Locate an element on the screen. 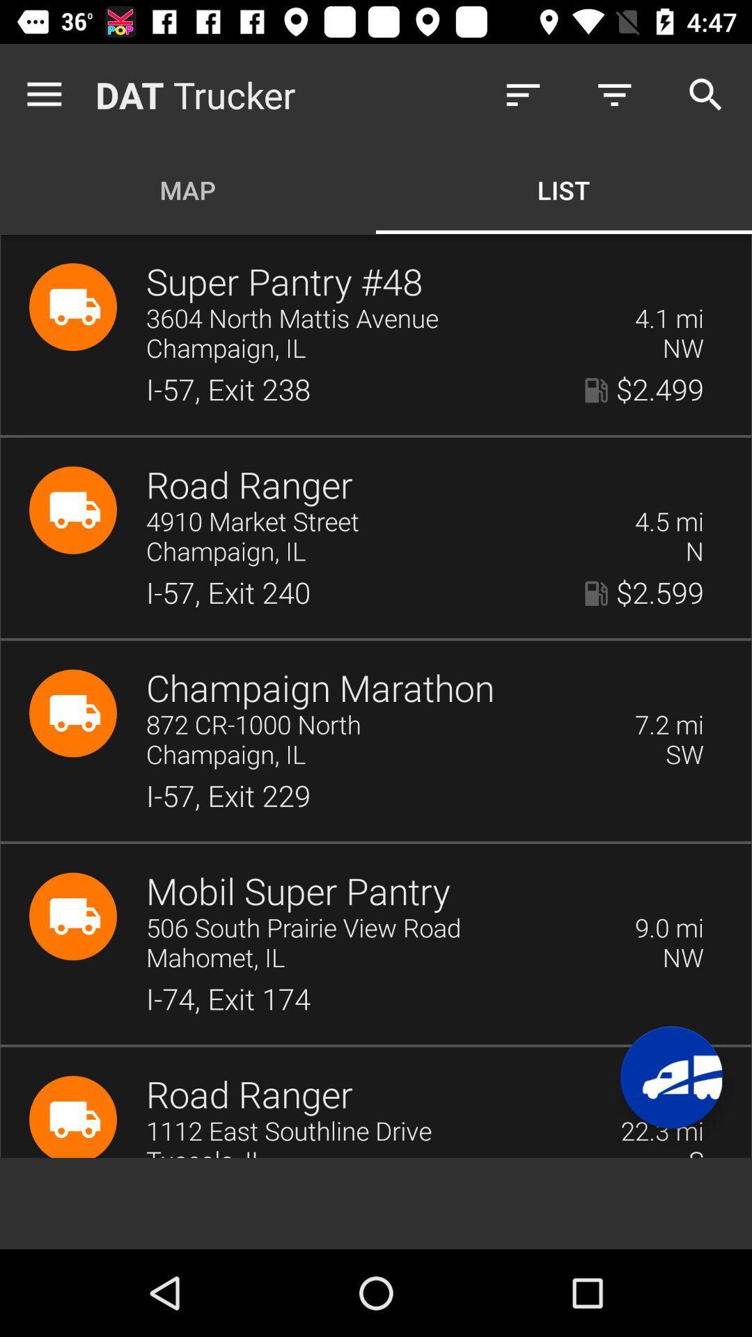  the item to the right of 506 south prairie is located at coordinates (668, 928).